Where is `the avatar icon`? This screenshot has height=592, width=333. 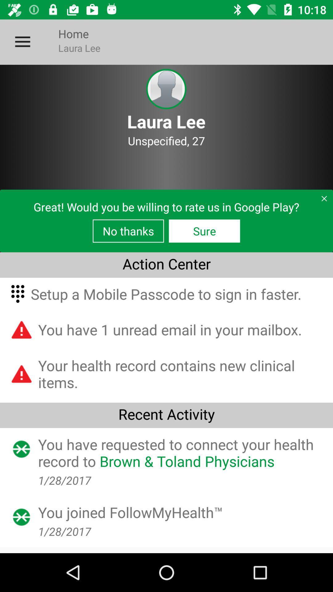
the avatar icon is located at coordinates (166, 89).